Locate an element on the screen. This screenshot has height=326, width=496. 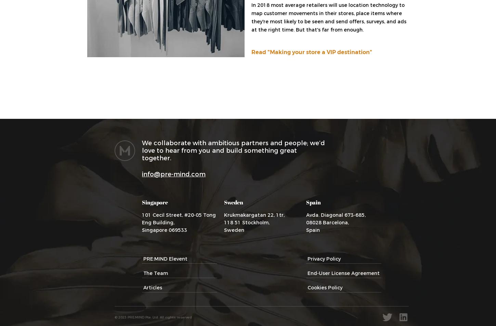
'Privacy Policy' is located at coordinates (324, 259).